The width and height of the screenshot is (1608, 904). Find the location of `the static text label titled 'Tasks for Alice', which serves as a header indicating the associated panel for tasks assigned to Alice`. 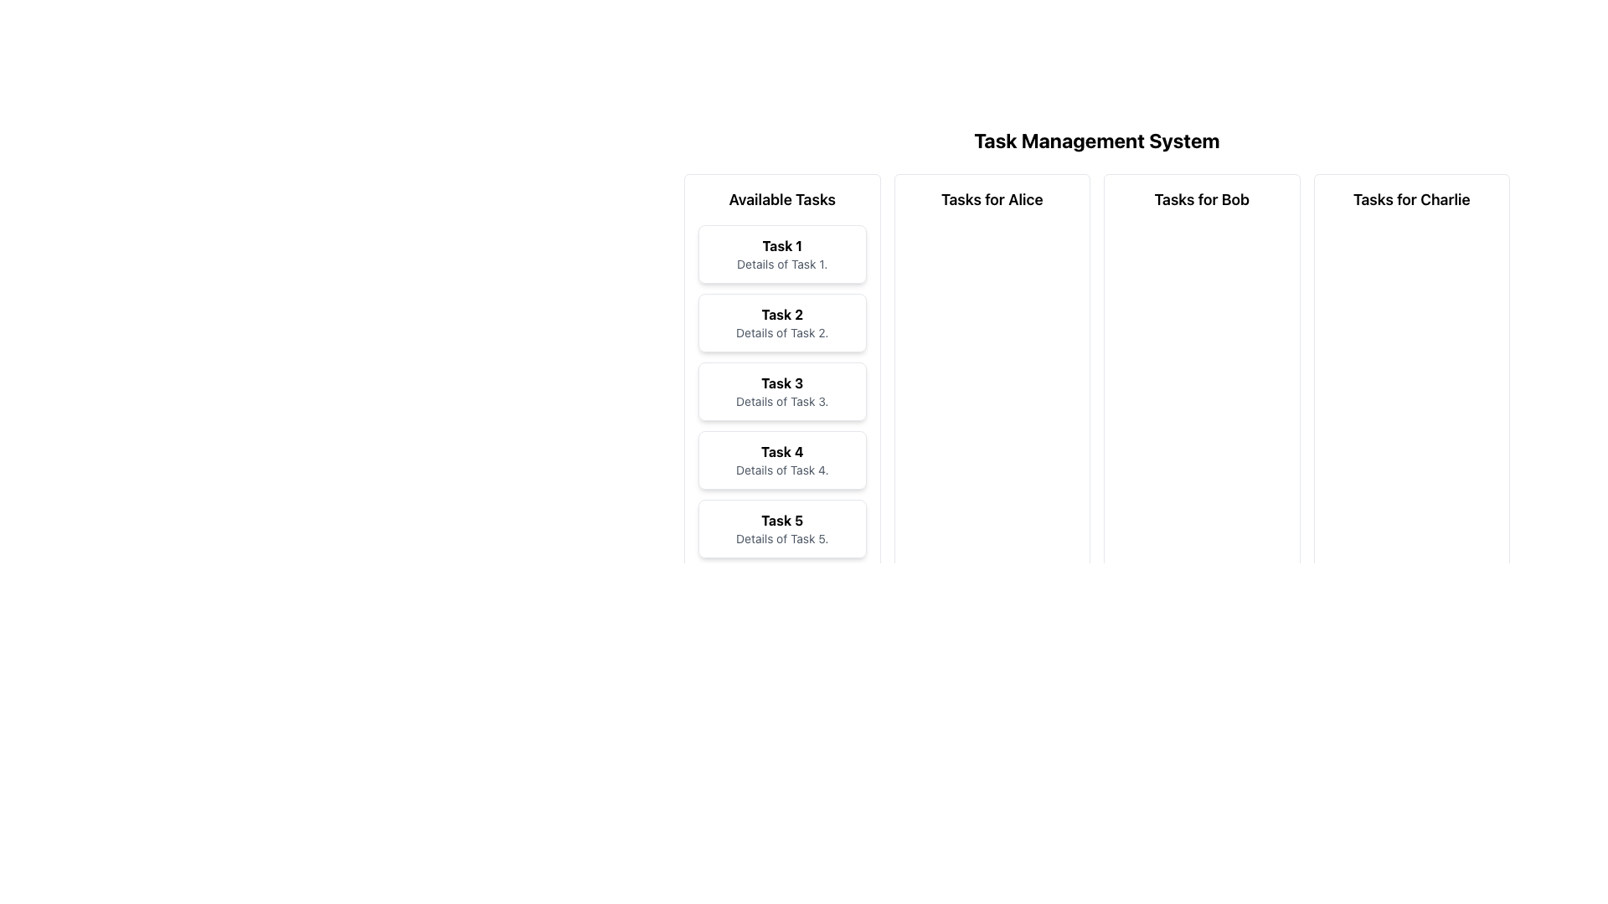

the static text label titled 'Tasks for Alice', which serves as a header indicating the associated panel for tasks assigned to Alice is located at coordinates (992, 199).